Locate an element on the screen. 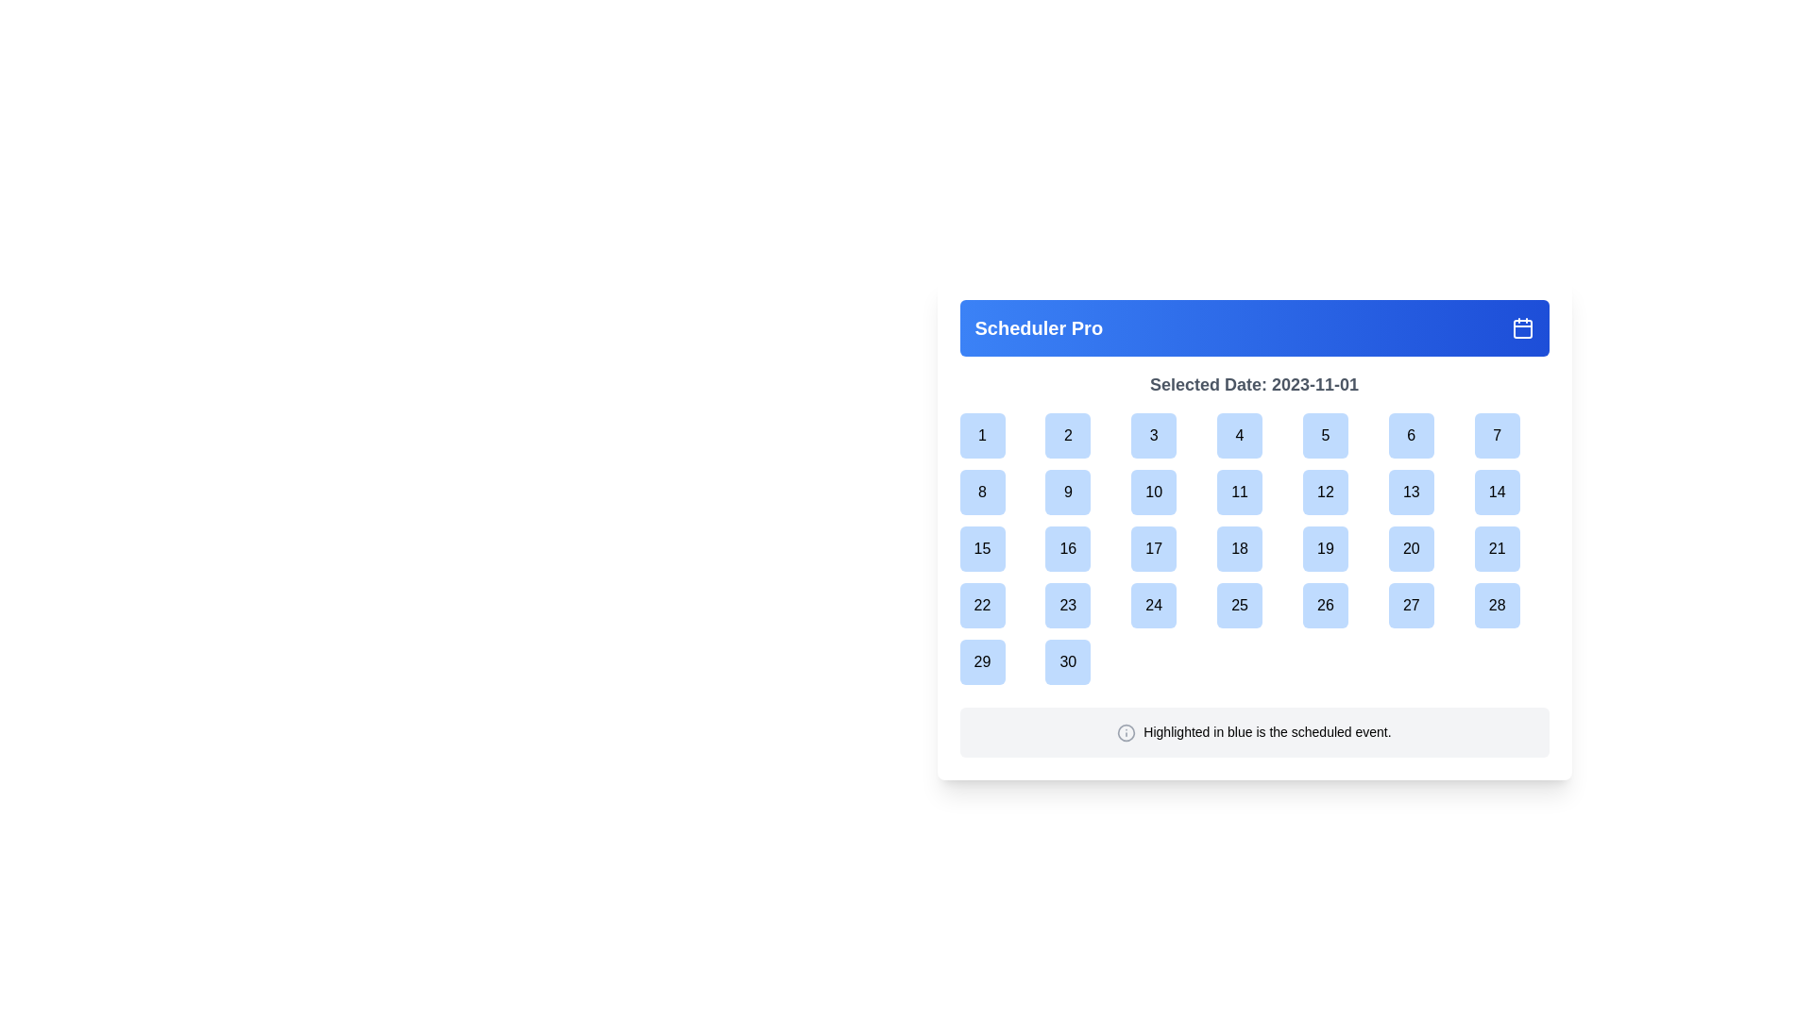 The height and width of the screenshot is (1019, 1813). the interactive calendar day button representing the eleventh day of the month is located at coordinates (1254, 491).